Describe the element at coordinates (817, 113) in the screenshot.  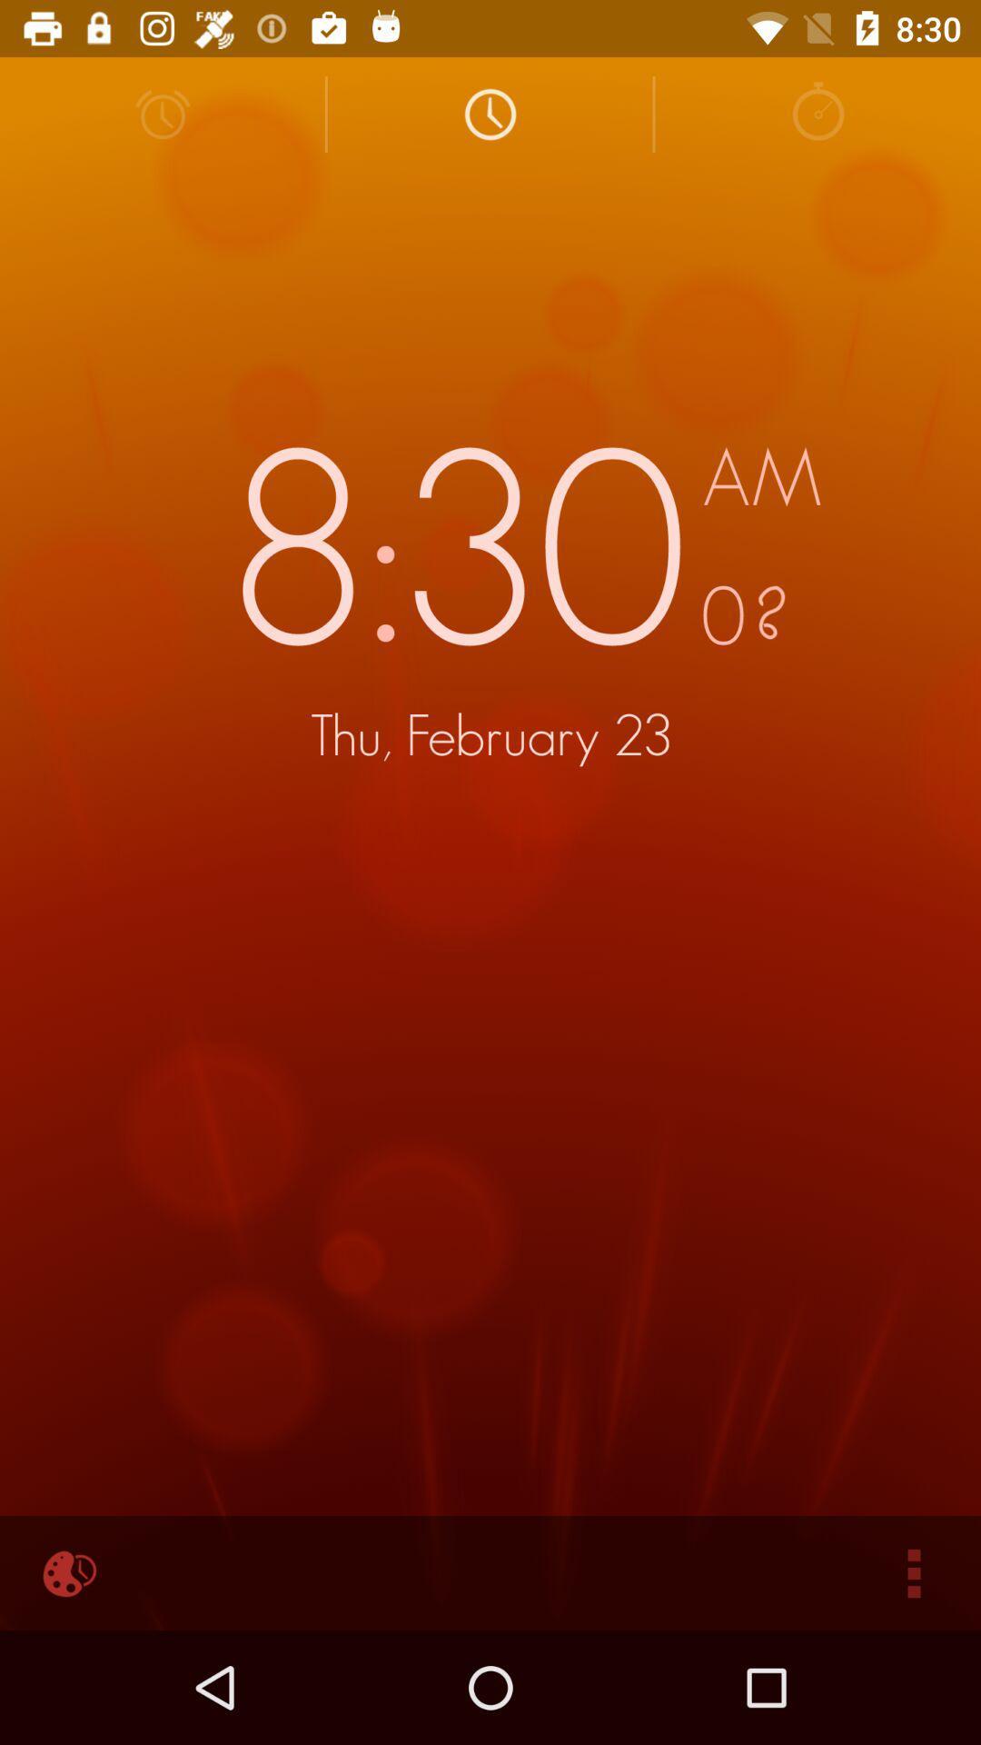
I see `the swap icon` at that location.